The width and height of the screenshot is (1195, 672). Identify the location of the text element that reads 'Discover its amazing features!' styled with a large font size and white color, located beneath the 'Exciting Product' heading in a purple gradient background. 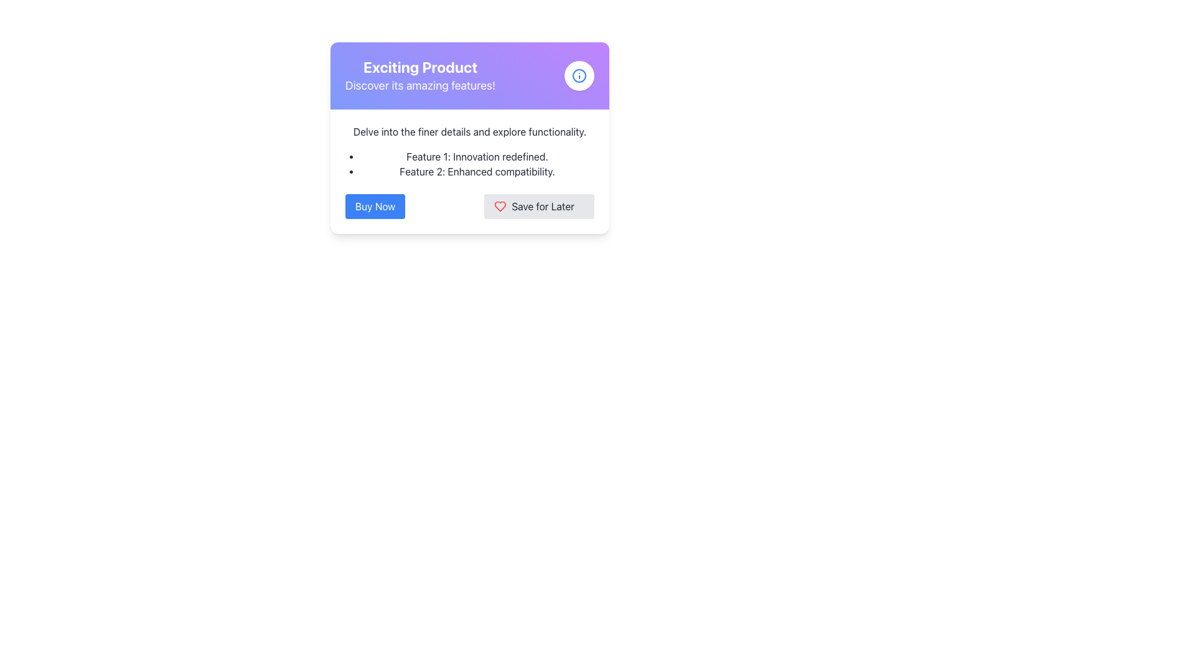
(420, 85).